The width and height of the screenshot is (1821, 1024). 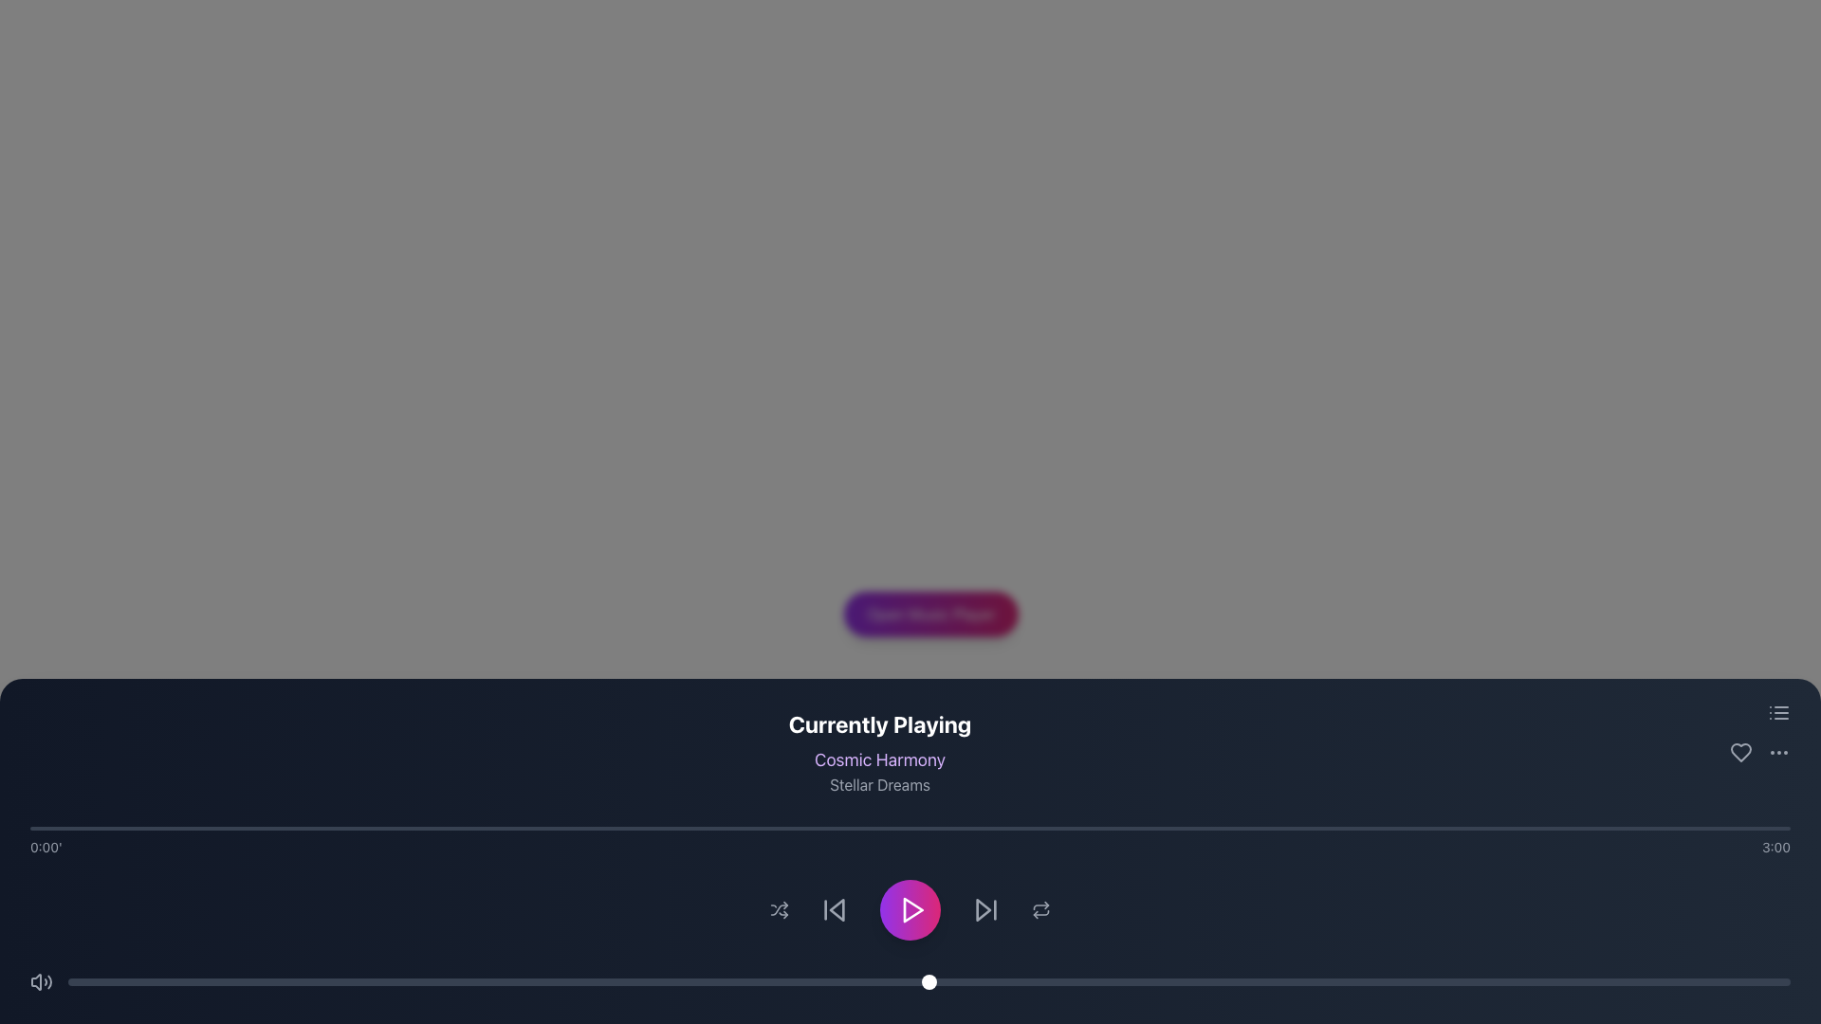 What do you see at coordinates (878, 785) in the screenshot?
I see `the light gray text 'Stellar Dreams', which is displayed within a dark-colored section, positioned below 'Cosmic Harmony' and aligned with 'Currently Playing'` at bounding box center [878, 785].